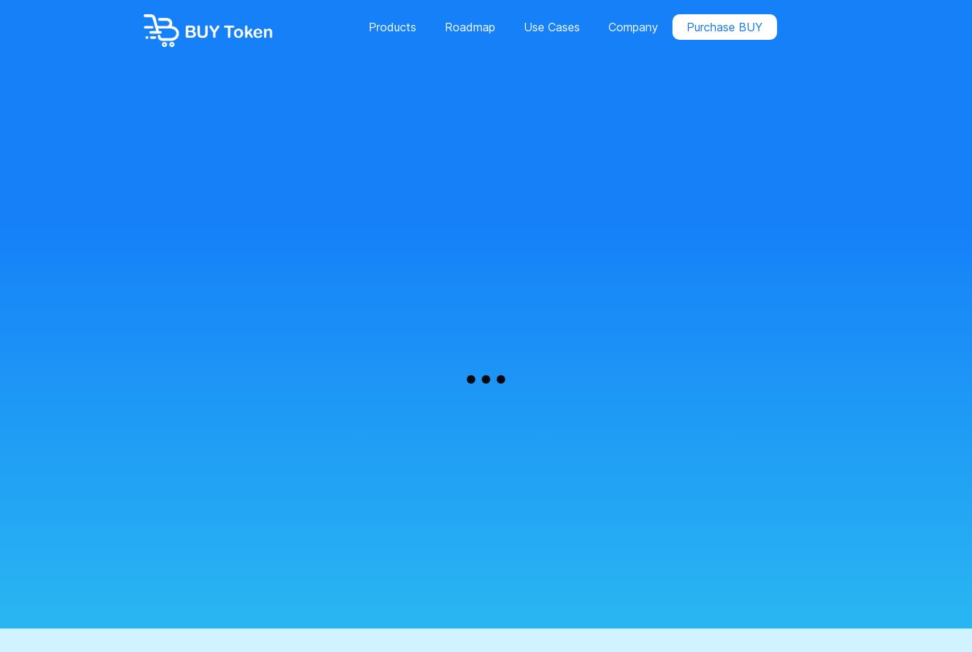 Image resolution: width=972 pixels, height=652 pixels. What do you see at coordinates (486, 182) in the screenshot?
I see `'On Demand Delivery Solution'` at bounding box center [486, 182].